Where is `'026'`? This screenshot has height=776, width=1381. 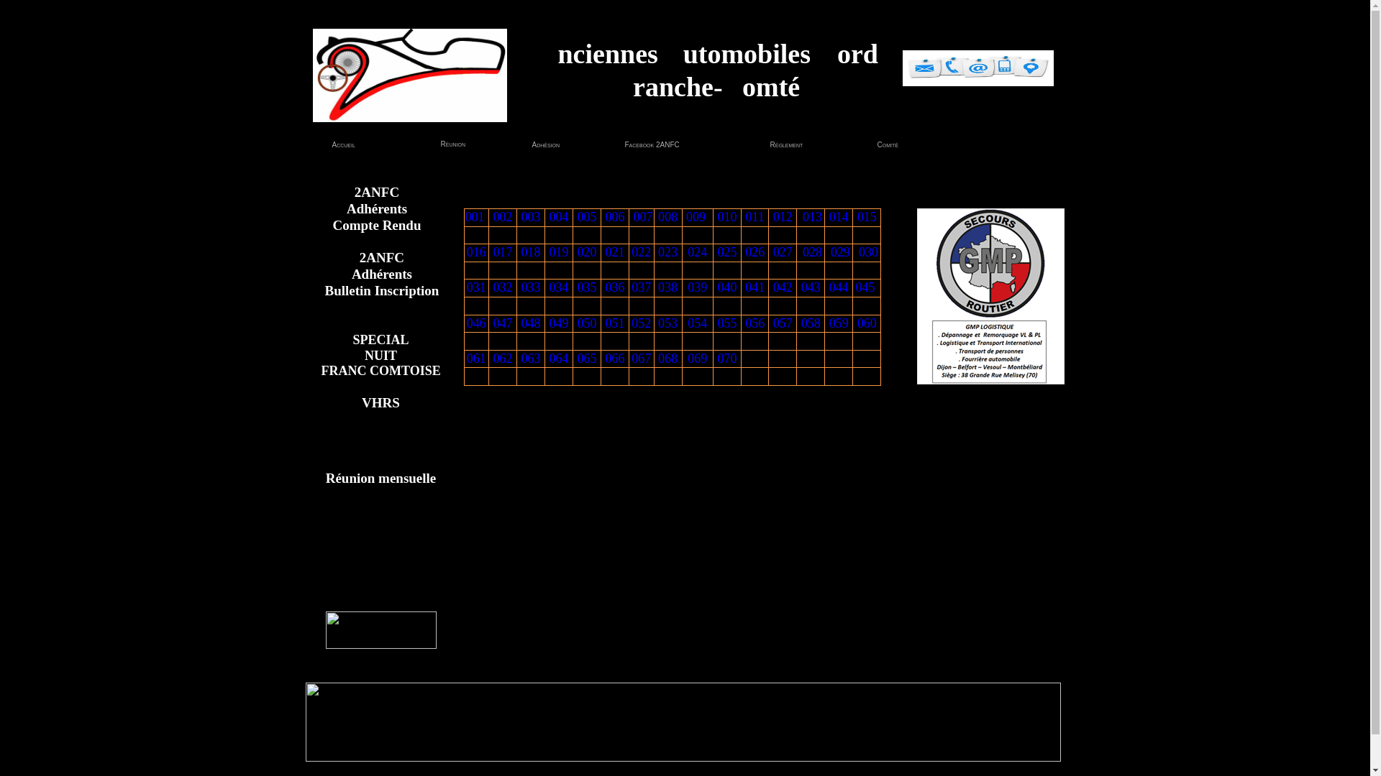 '026' is located at coordinates (754, 251).